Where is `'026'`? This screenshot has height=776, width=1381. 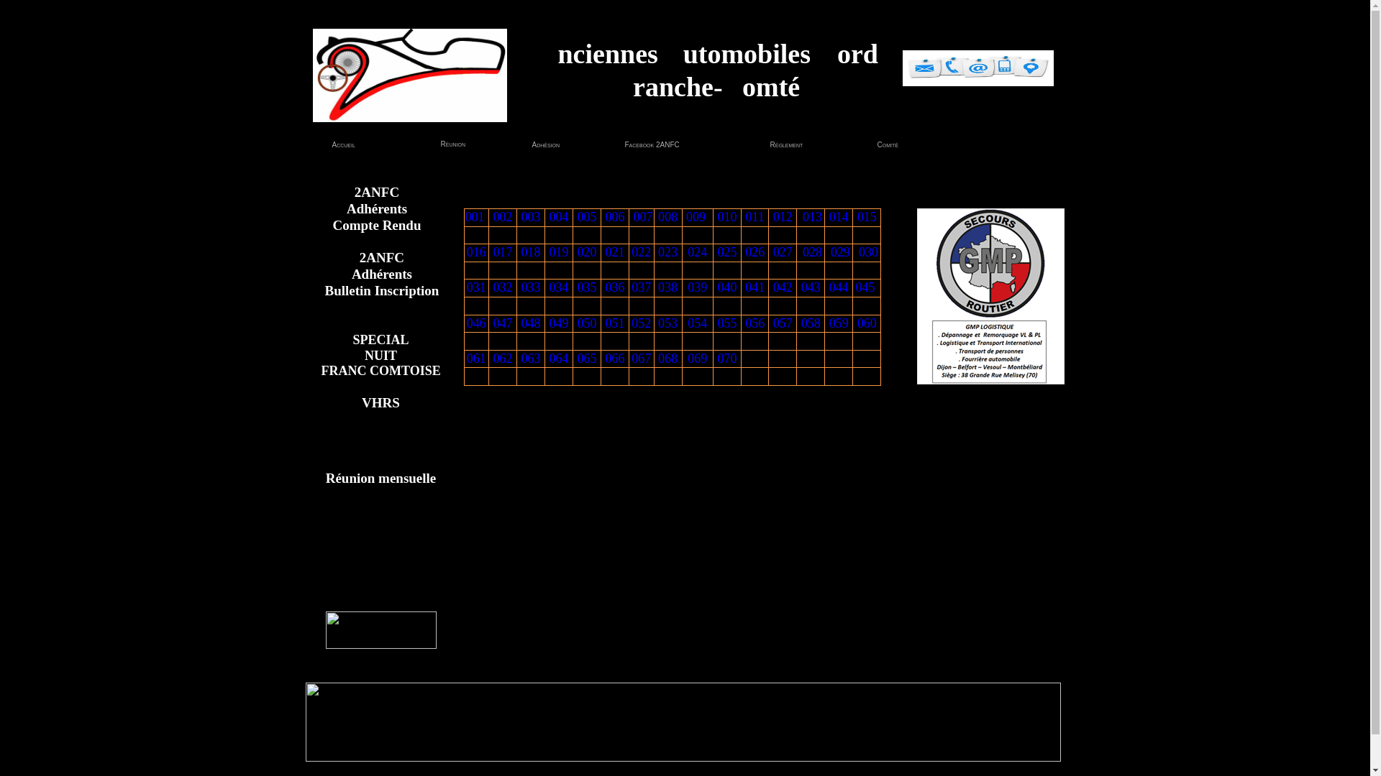 '026' is located at coordinates (754, 251).